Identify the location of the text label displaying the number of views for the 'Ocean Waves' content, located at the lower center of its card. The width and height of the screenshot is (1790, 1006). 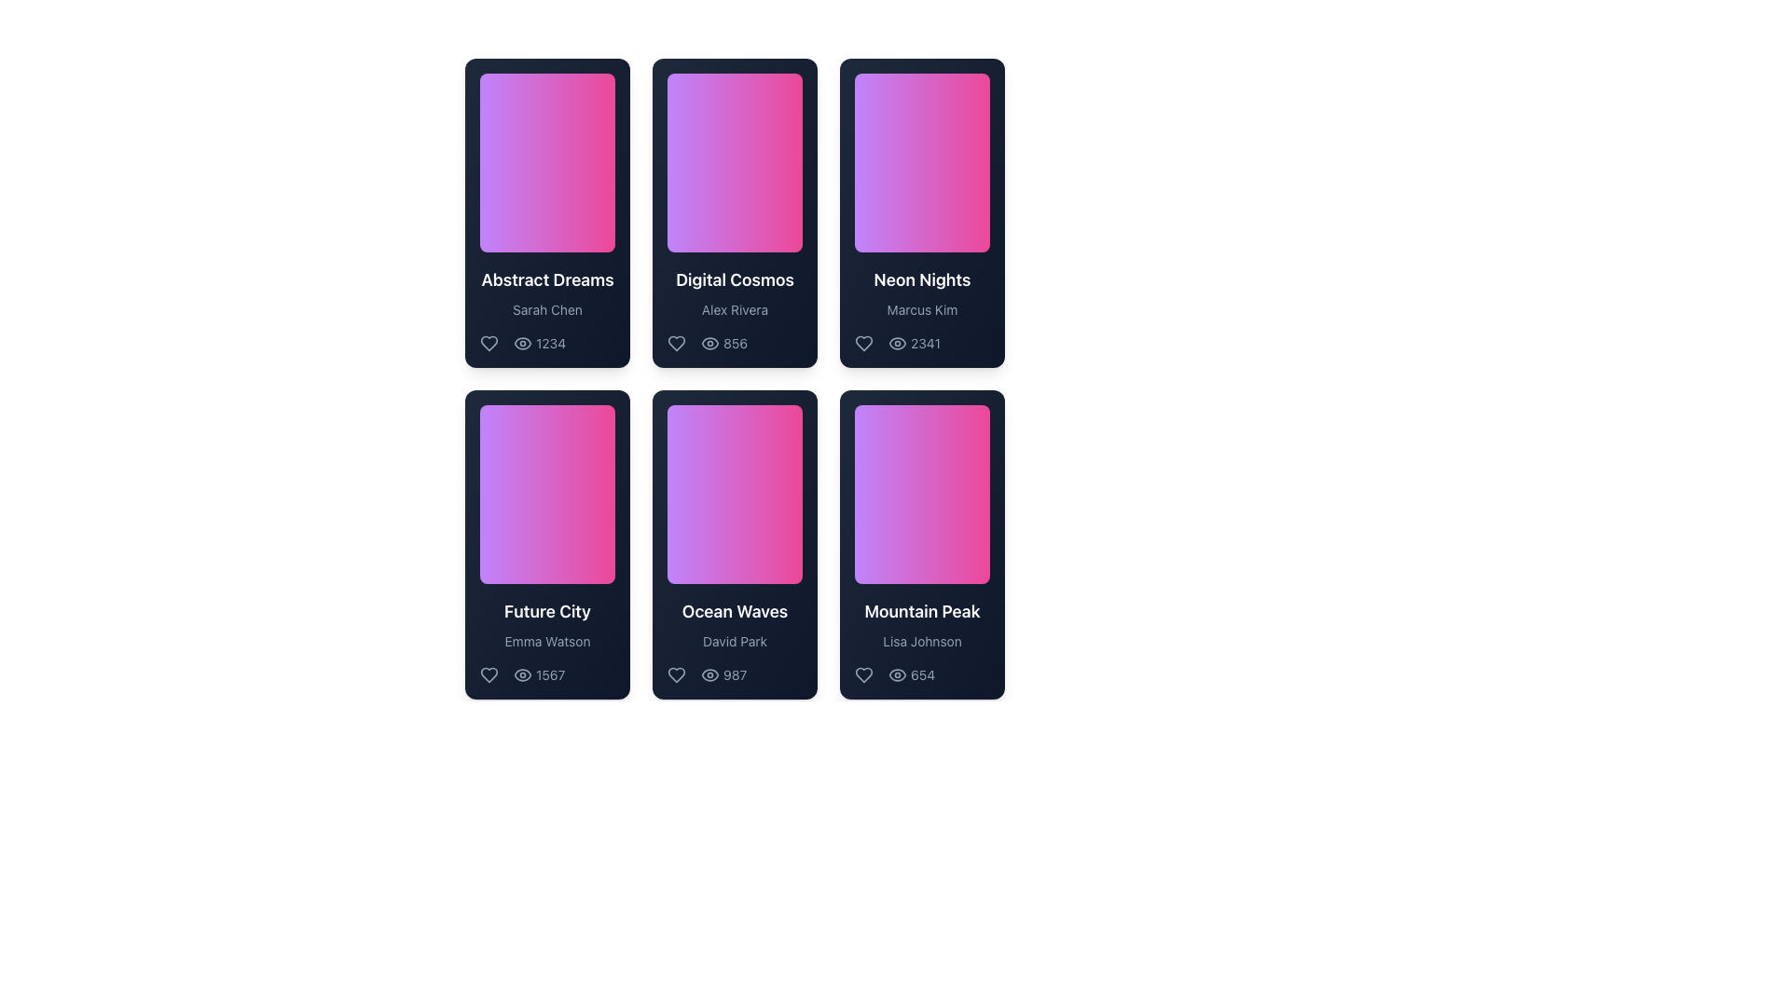
(706, 675).